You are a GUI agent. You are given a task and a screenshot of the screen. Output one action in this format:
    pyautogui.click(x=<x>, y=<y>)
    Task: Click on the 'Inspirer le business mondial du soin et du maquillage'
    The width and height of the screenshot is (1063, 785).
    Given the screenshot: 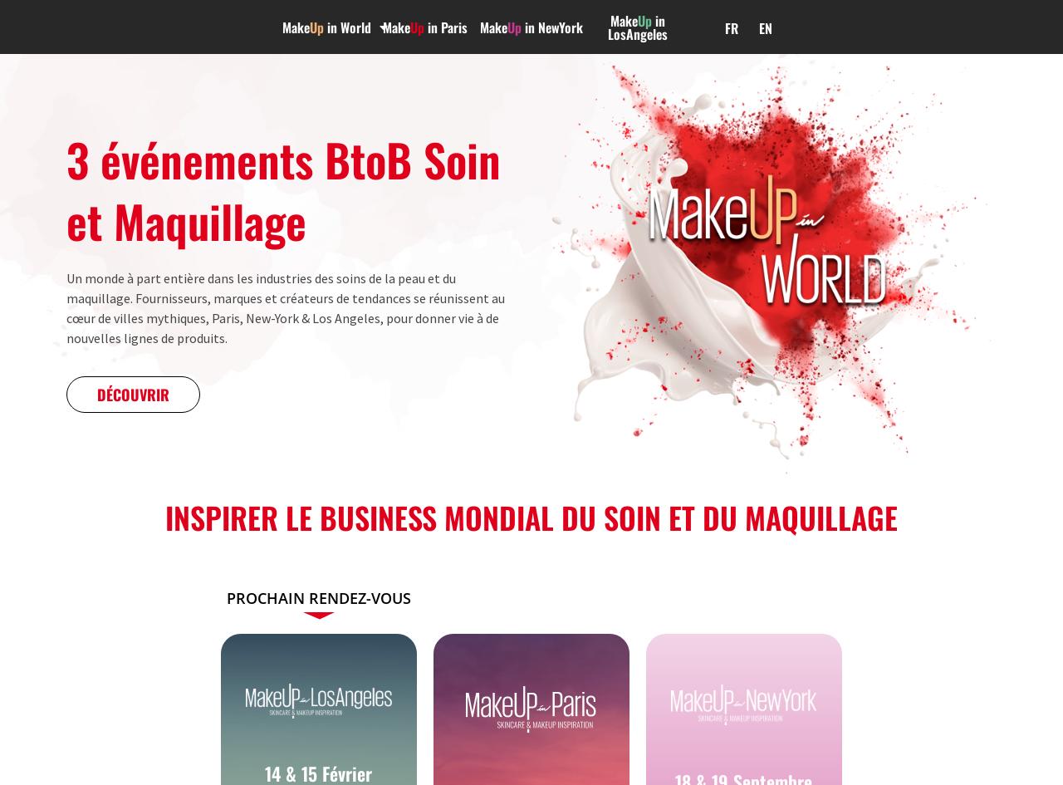 What is the action you would take?
    pyautogui.click(x=531, y=516)
    